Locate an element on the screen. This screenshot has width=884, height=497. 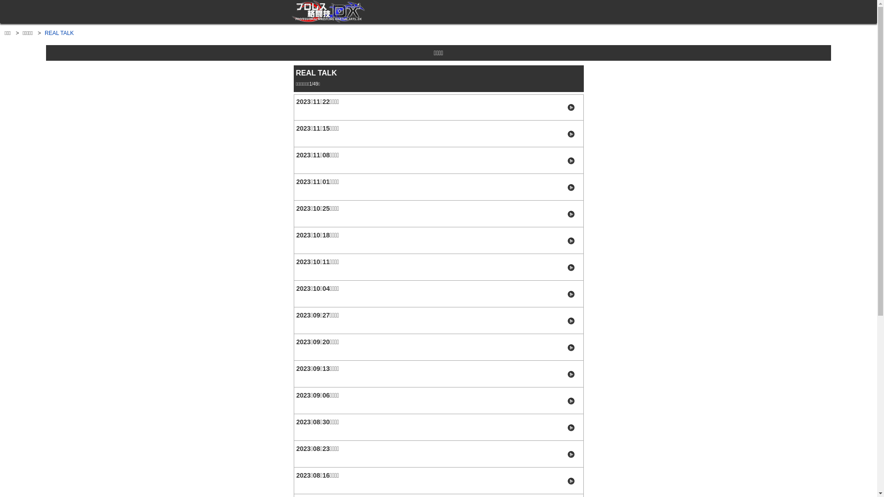
'REAL TALK' is located at coordinates (58, 33).